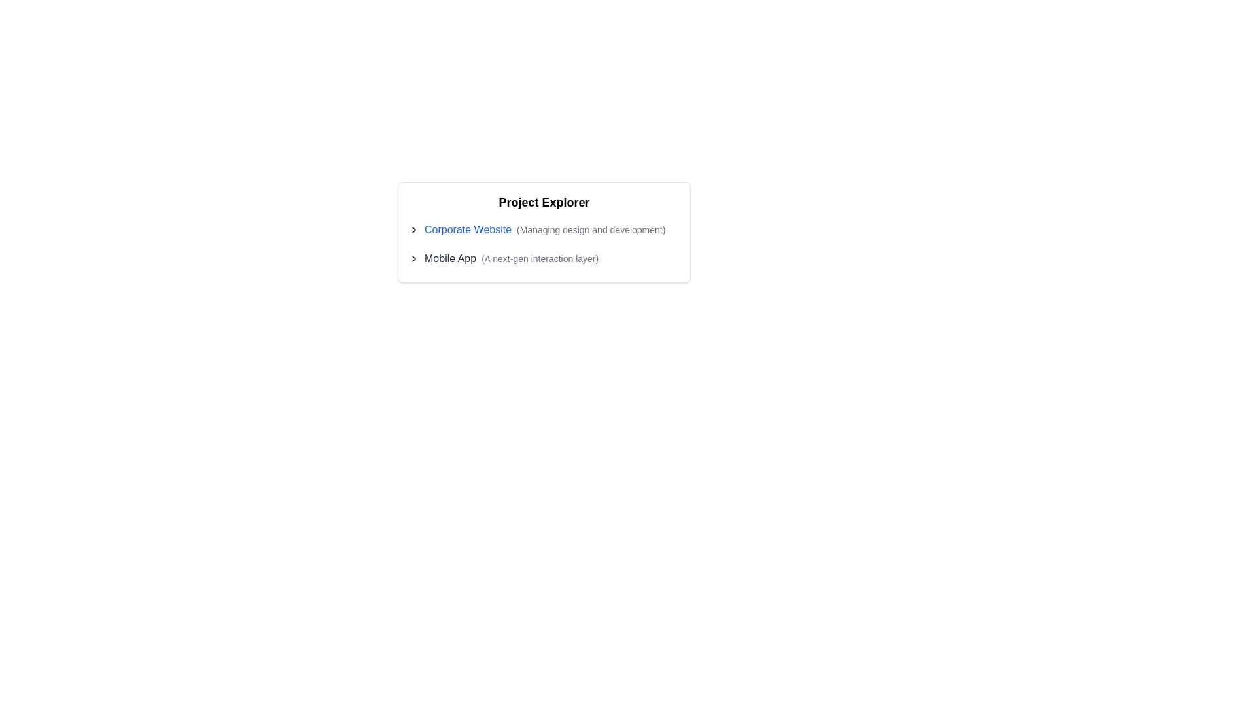 The height and width of the screenshot is (706, 1256). I want to click on the chevron icon next to the text 'Mobile App(A next-gen interaction layer)', so click(413, 259).